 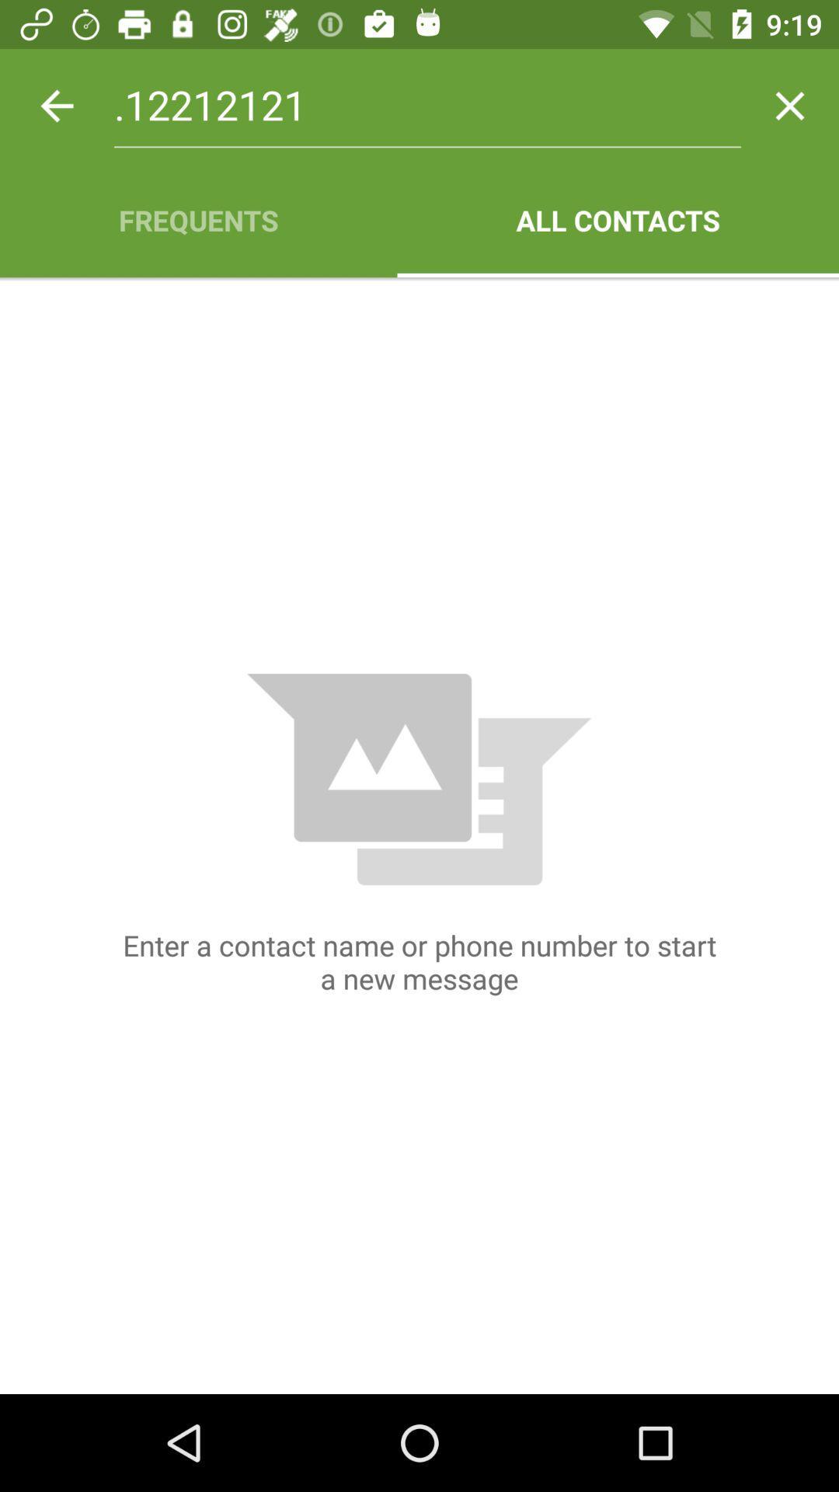 I want to click on icon next to frequents icon, so click(x=617, y=219).